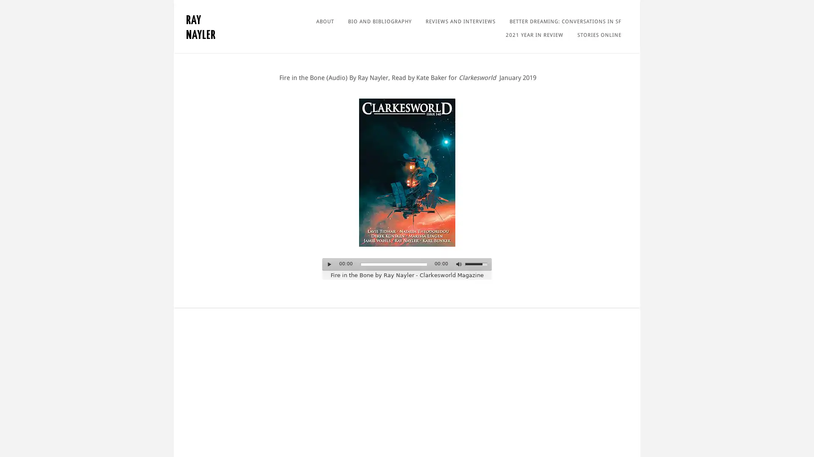 This screenshot has width=814, height=457. I want to click on Mute Toggle, so click(458, 264).